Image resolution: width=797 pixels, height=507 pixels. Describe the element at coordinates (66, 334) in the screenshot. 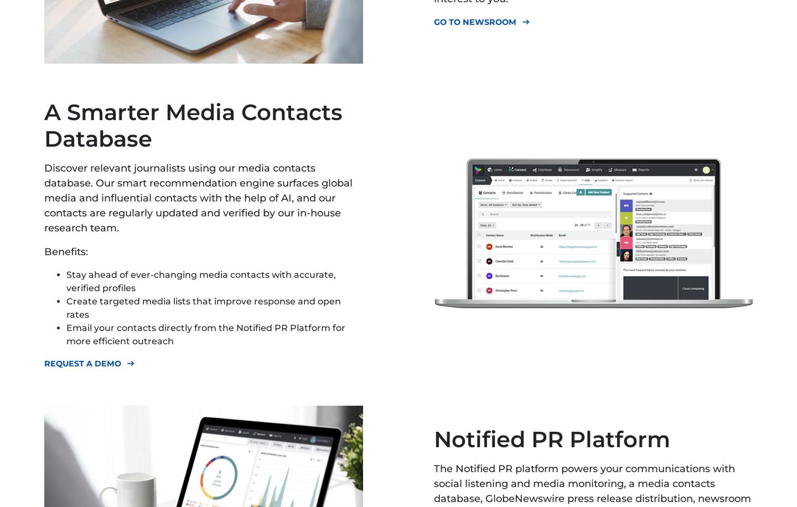

I see `'Email your contacts directly from the Notified PR Platform for more efficient outreach'` at that location.